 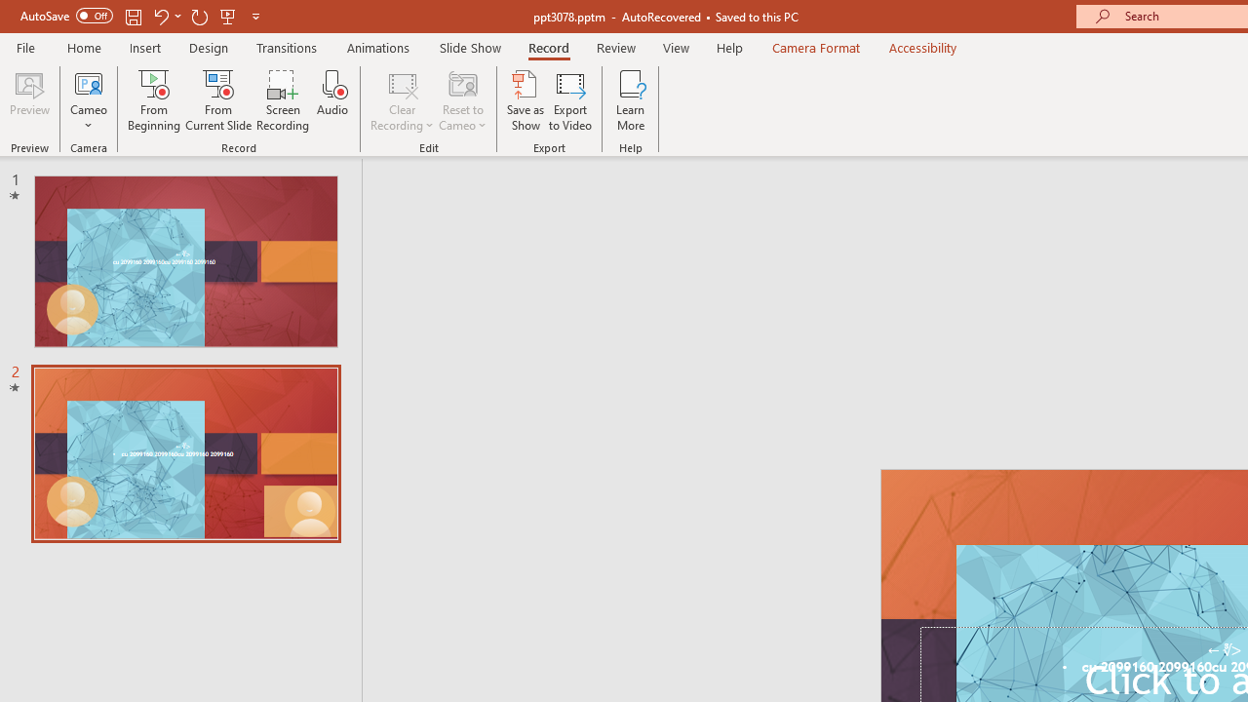 I want to click on 'Camera Format', so click(x=816, y=47).